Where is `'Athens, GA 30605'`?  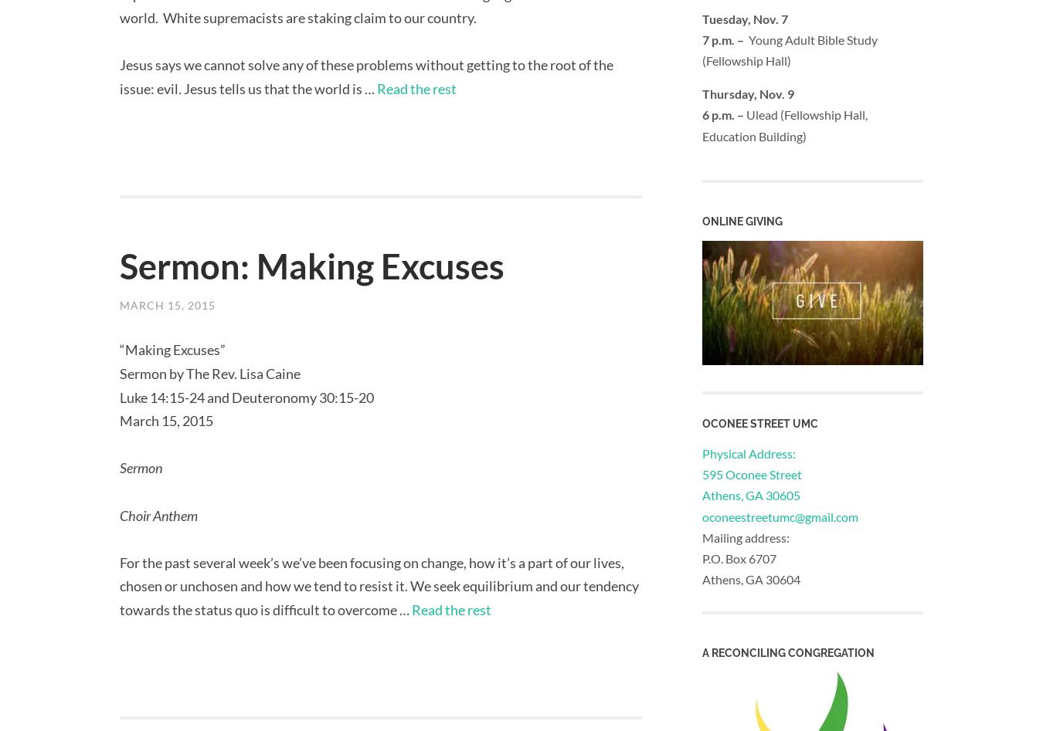
'Athens, GA 30605' is located at coordinates (750, 495).